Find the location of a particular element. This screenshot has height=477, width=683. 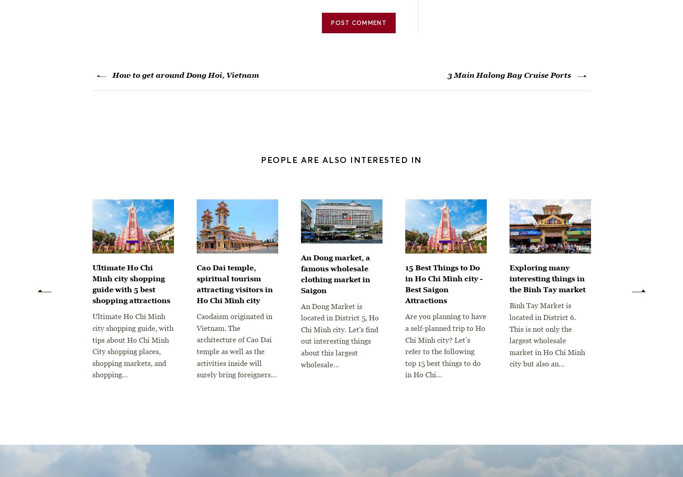

'Ultimate Ho Chi Minh city shopping guide with 5 best shopping attractions' is located at coordinates (131, 284).